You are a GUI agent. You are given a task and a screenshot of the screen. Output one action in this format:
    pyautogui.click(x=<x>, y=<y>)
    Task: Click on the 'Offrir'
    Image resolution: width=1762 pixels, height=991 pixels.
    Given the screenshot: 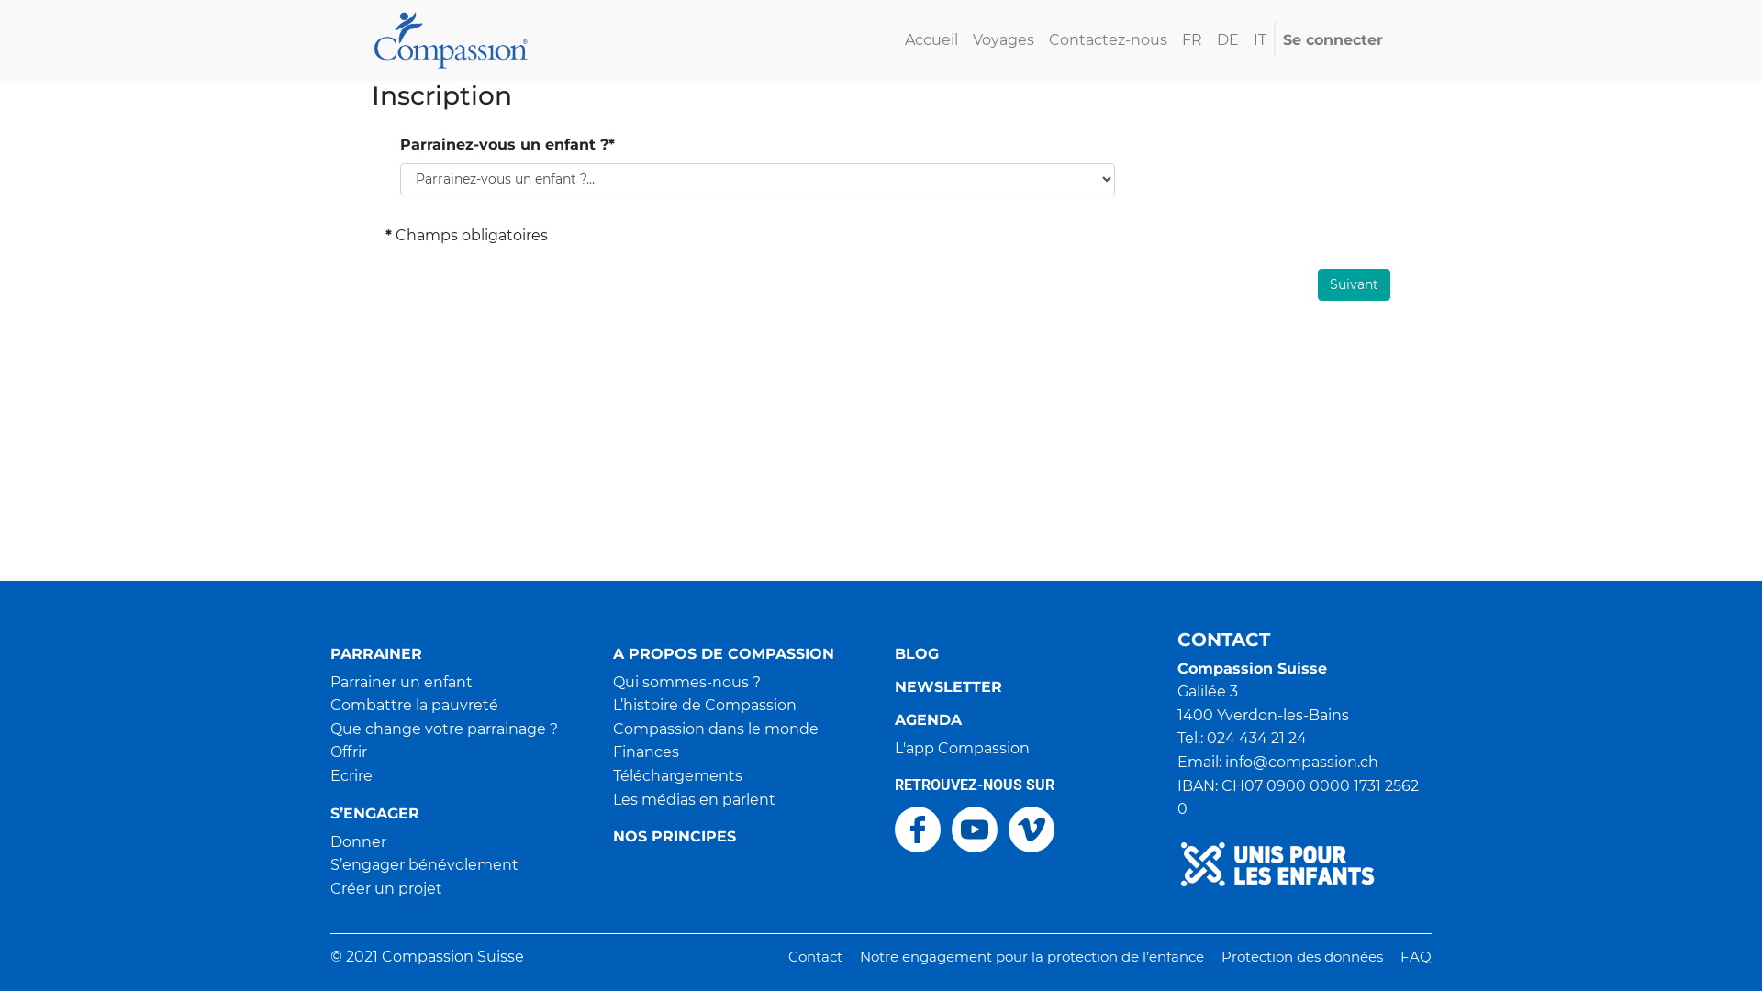 What is the action you would take?
    pyautogui.click(x=348, y=752)
    